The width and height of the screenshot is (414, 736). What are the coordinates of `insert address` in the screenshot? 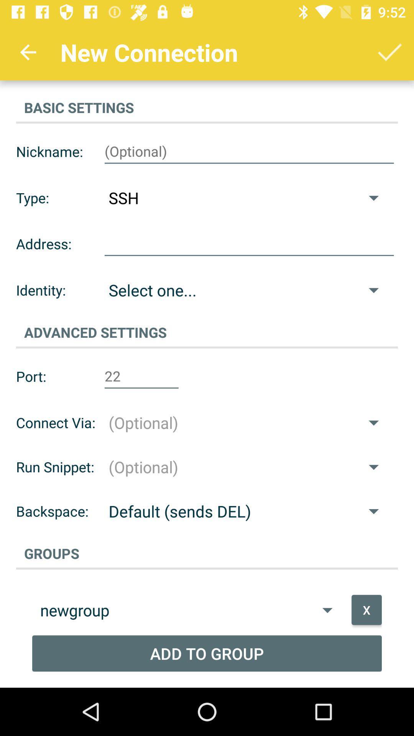 It's located at (249, 243).